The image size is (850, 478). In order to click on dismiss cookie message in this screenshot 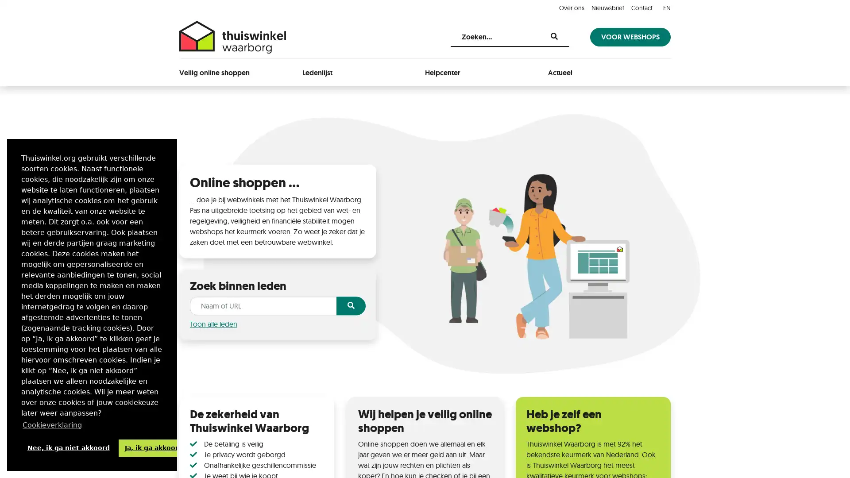, I will do `click(68, 447)`.